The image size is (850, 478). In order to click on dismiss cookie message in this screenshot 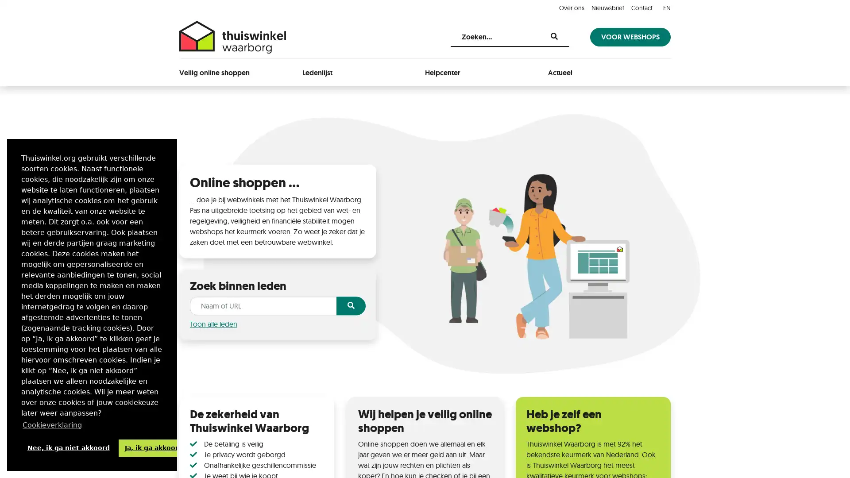, I will do `click(68, 447)`.